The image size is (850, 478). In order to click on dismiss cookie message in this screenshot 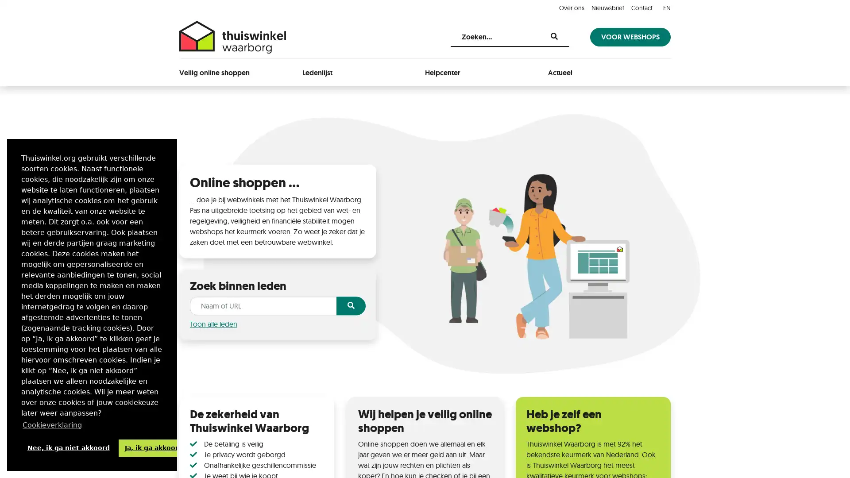, I will do `click(68, 447)`.